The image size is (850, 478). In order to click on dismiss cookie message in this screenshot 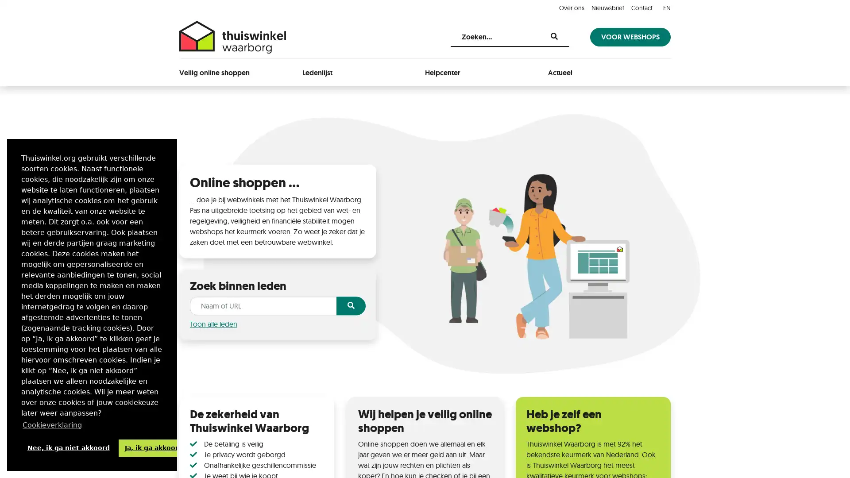, I will do `click(68, 447)`.